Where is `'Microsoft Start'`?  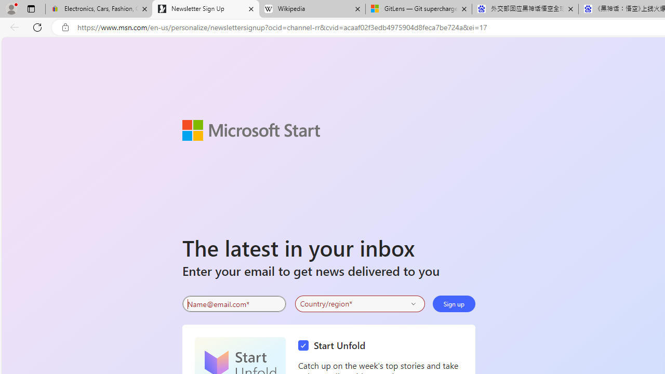 'Microsoft Start' is located at coordinates (251, 129).